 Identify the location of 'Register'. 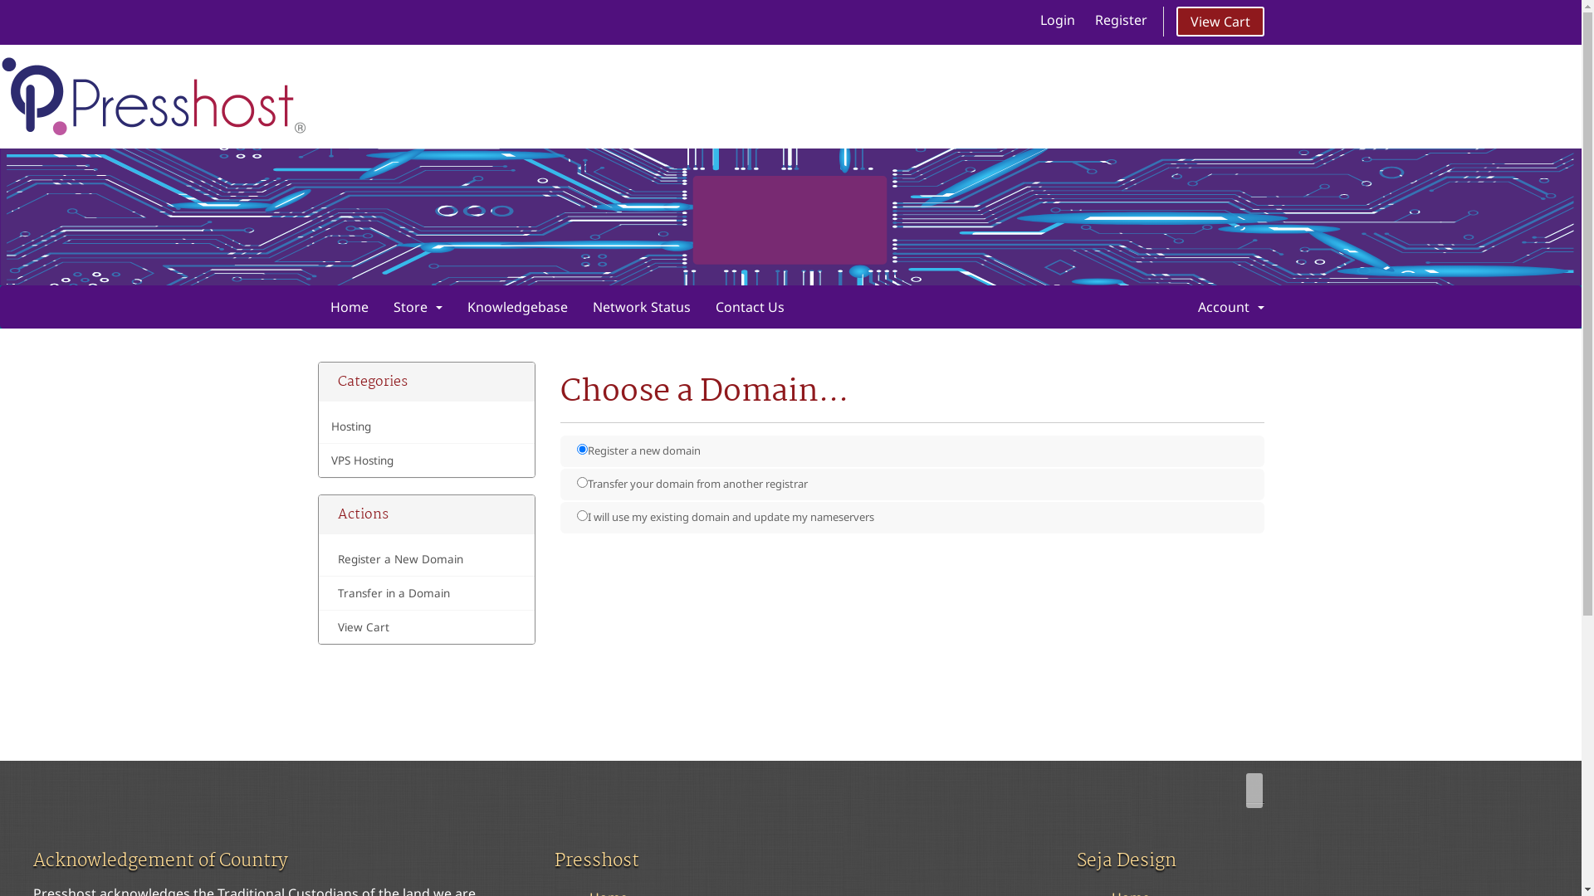
(1120, 19).